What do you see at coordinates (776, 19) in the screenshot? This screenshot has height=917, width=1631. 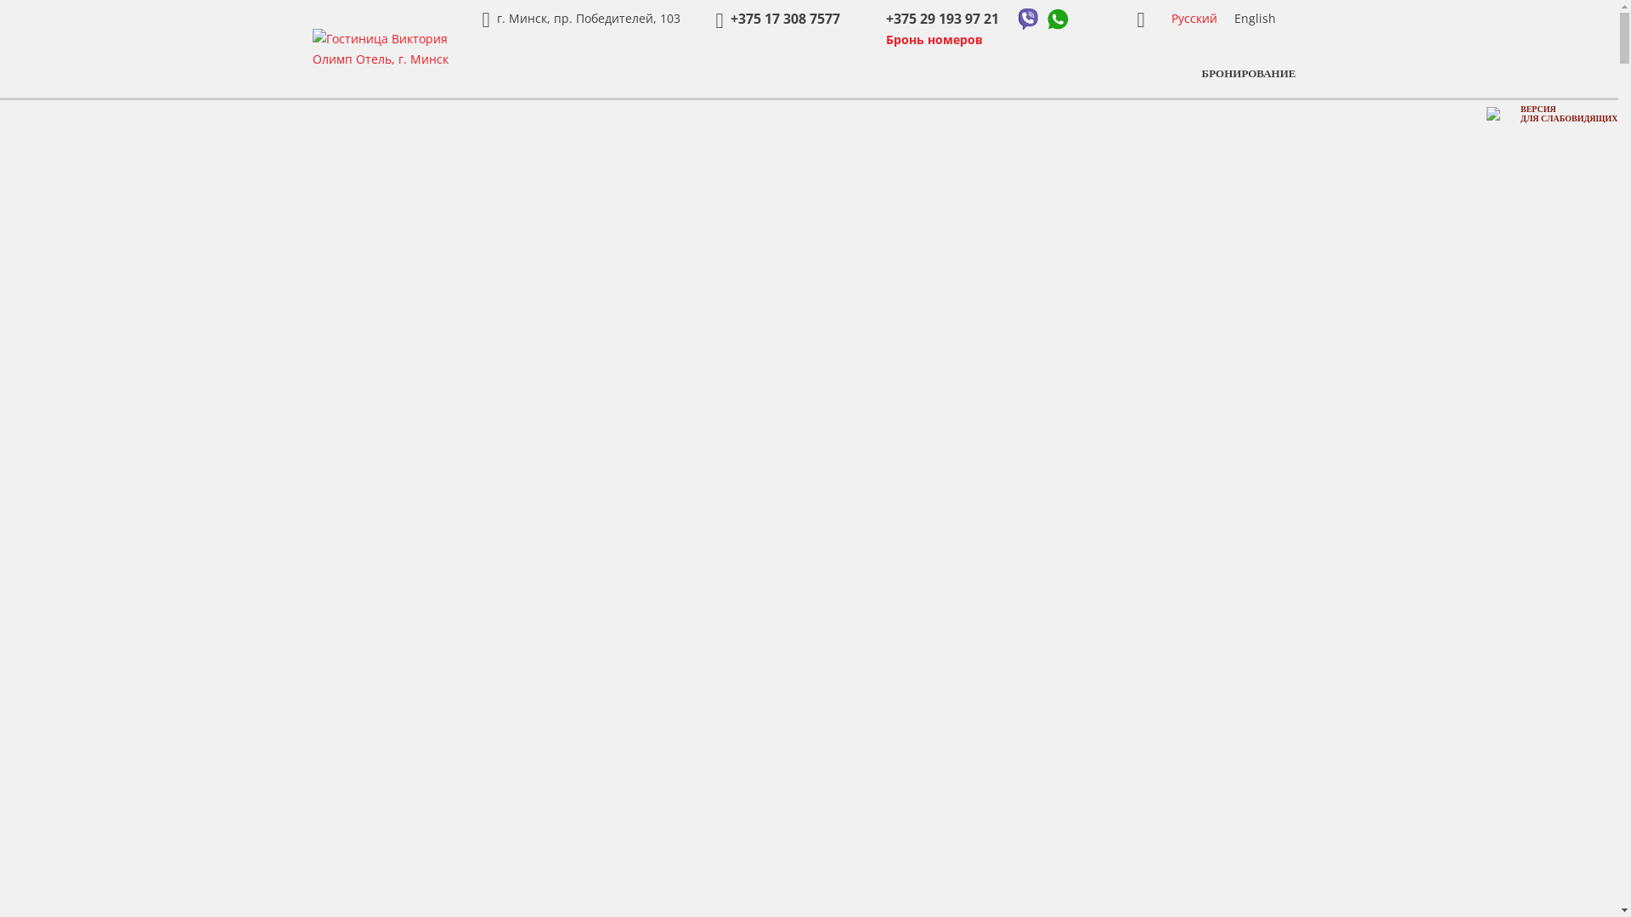 I see `'+375 17 308 7577'` at bounding box center [776, 19].